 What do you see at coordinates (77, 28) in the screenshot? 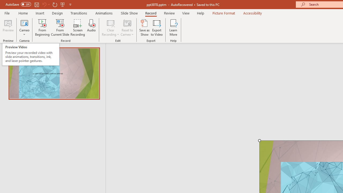
I see `'Screen Recording'` at bounding box center [77, 28].